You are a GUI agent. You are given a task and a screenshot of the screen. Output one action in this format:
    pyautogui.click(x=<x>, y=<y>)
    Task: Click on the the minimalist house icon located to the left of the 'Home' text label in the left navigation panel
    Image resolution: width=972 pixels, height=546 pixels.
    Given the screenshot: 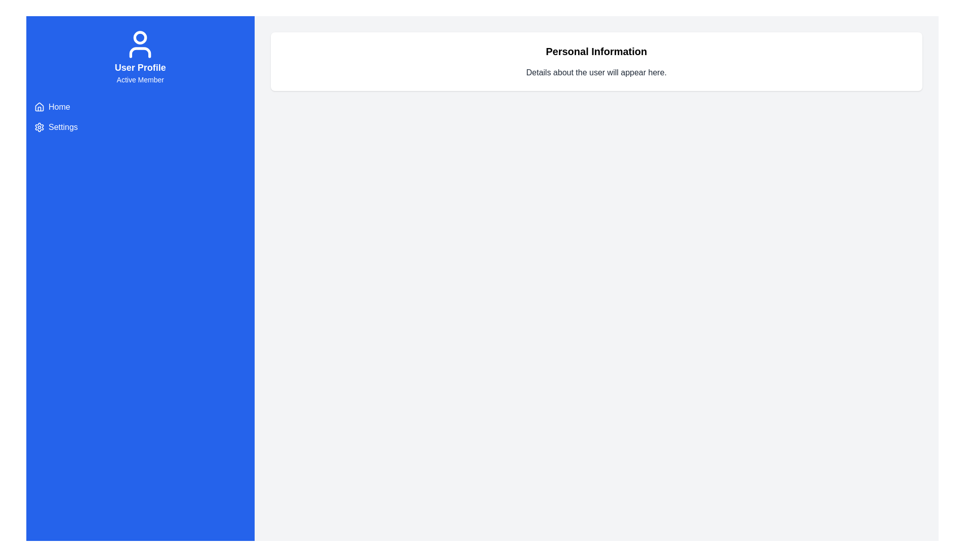 What is the action you would take?
    pyautogui.click(x=39, y=107)
    